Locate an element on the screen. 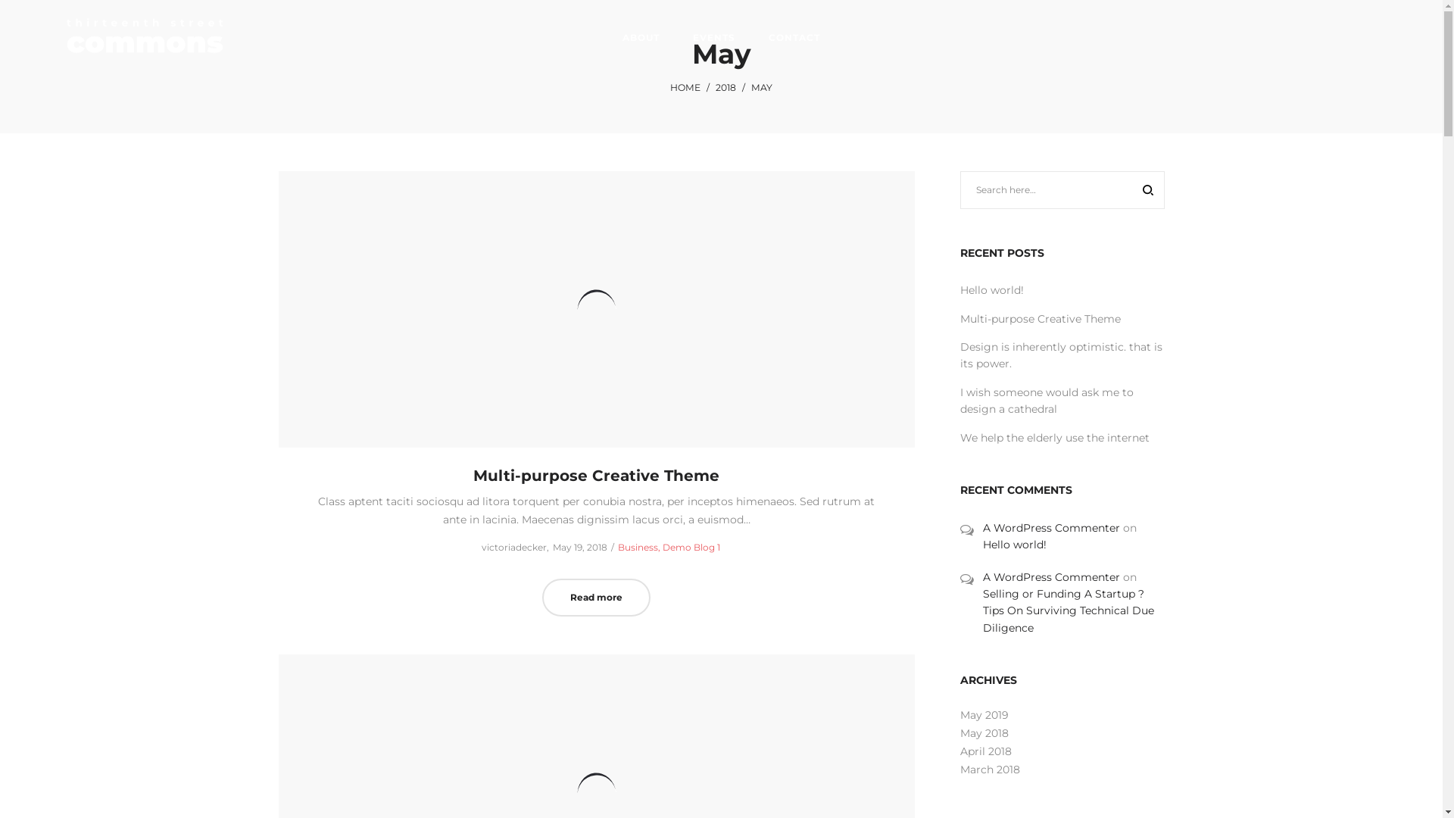 The image size is (1454, 818). 'April 2018' is located at coordinates (985, 751).